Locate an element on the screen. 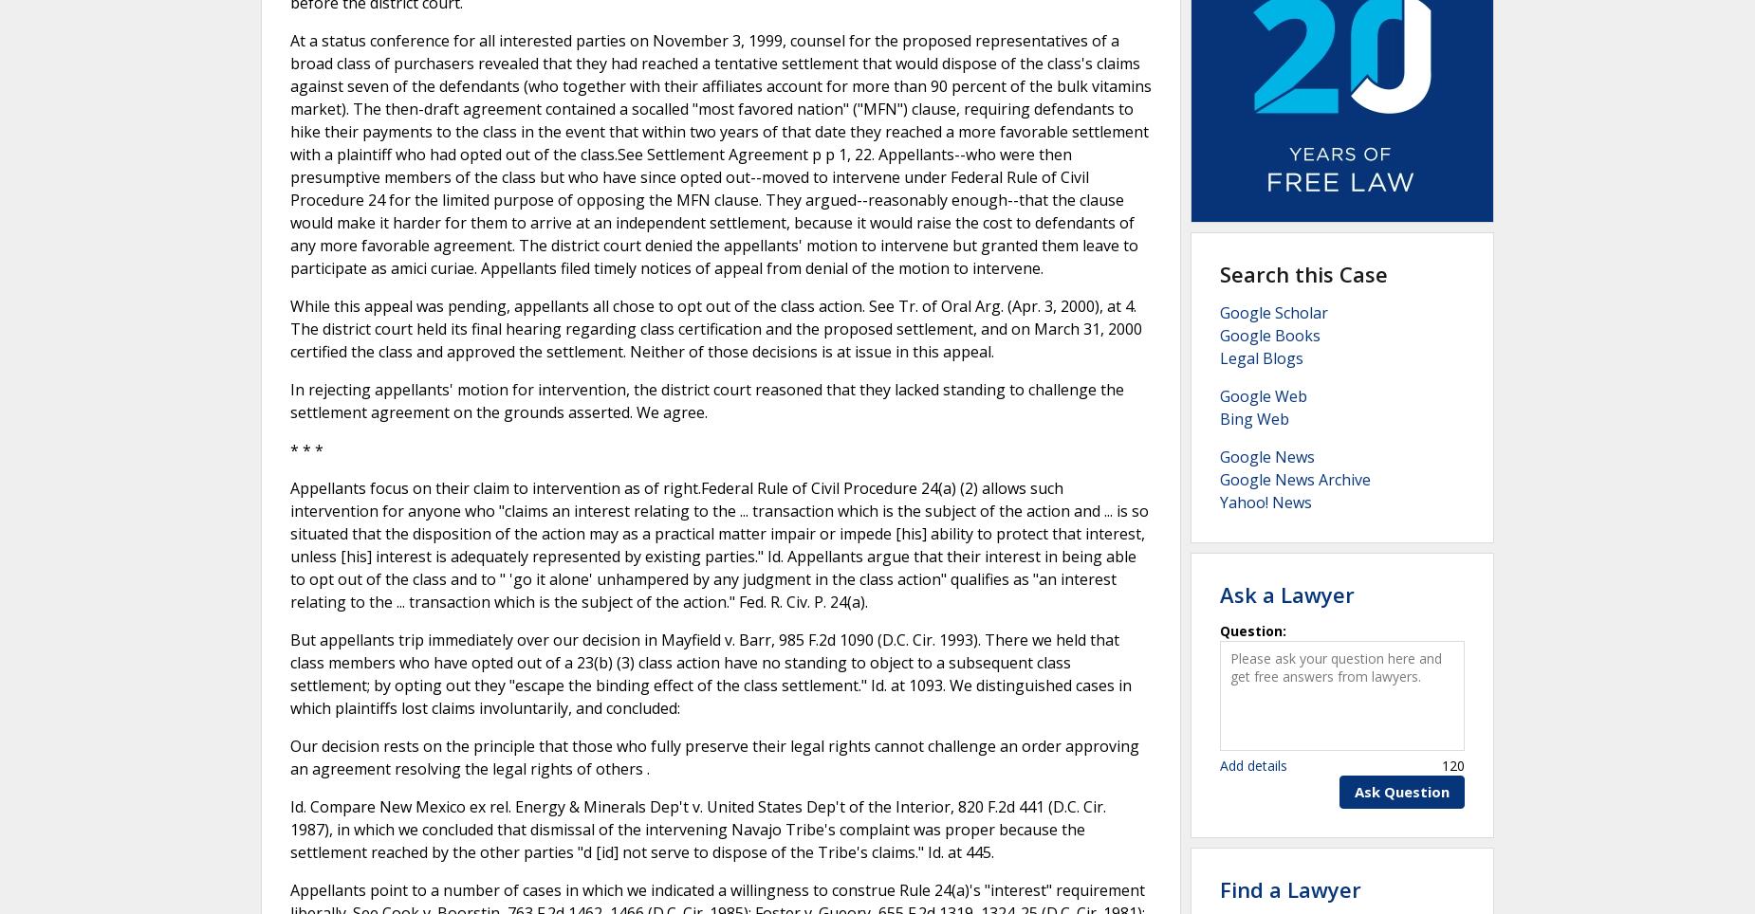  'Google Web' is located at coordinates (1263, 394).